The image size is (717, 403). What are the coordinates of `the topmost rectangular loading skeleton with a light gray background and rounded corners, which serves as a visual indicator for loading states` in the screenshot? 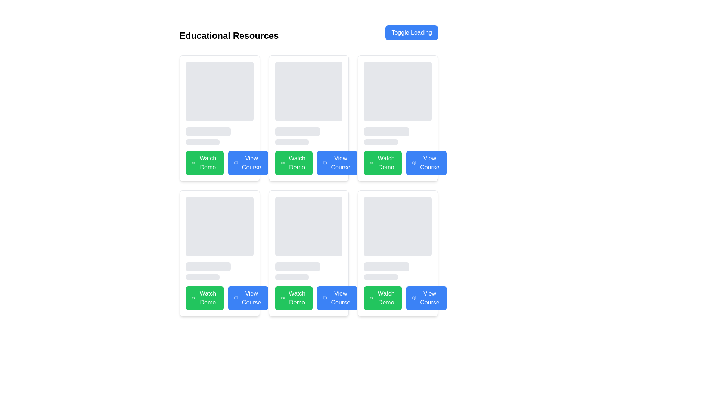 It's located at (308, 91).